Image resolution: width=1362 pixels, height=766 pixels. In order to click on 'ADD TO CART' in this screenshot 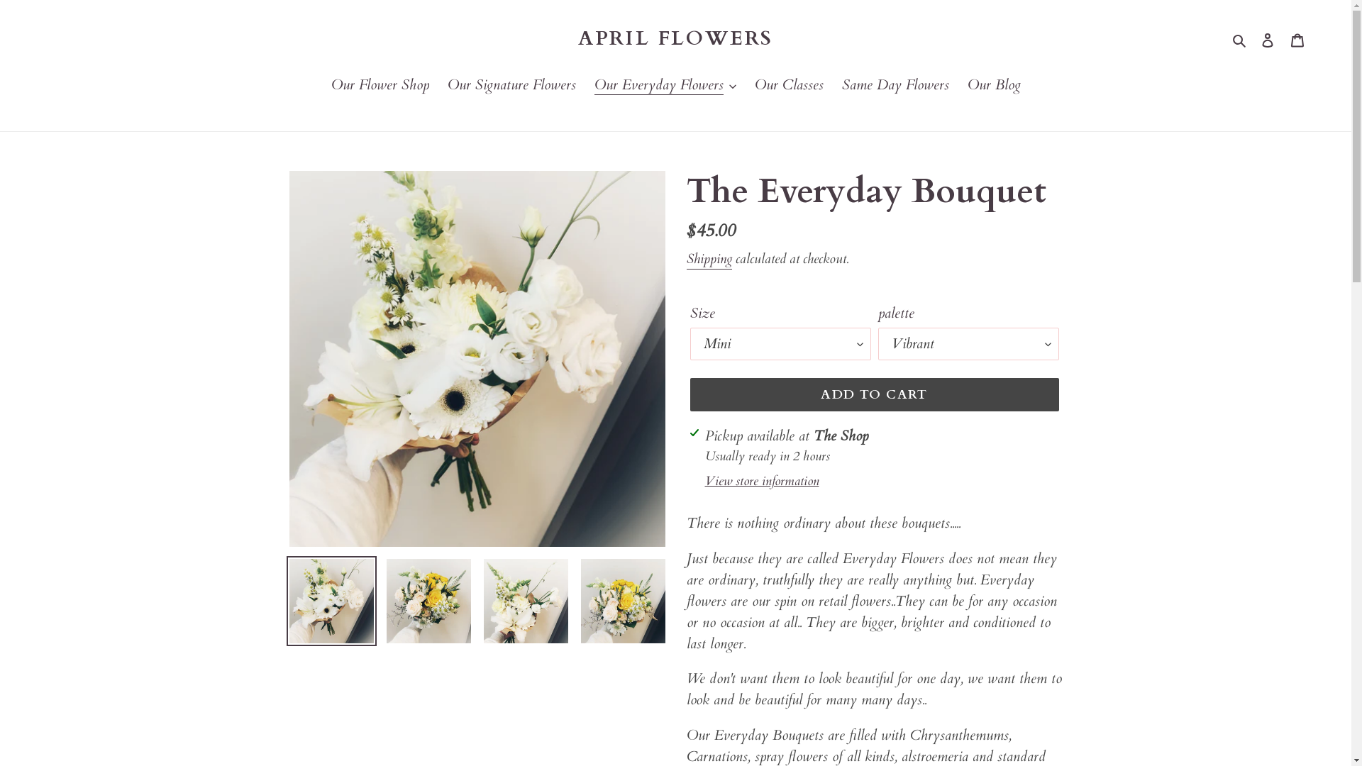, I will do `click(873, 394)`.